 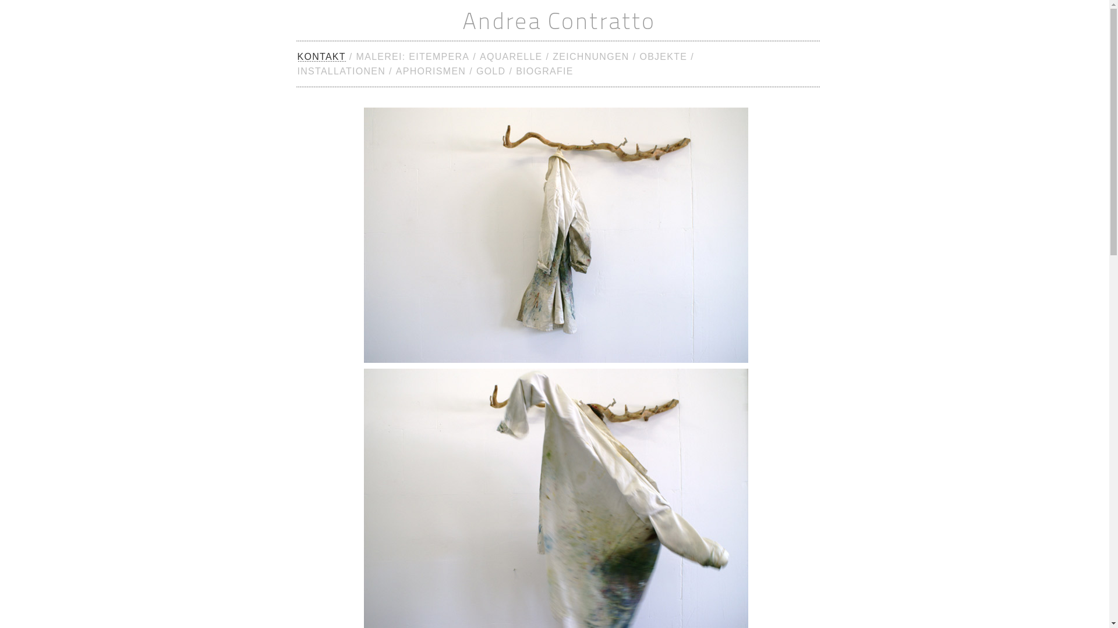 What do you see at coordinates (296, 71) in the screenshot?
I see `'INSTALLATIONEN'` at bounding box center [296, 71].